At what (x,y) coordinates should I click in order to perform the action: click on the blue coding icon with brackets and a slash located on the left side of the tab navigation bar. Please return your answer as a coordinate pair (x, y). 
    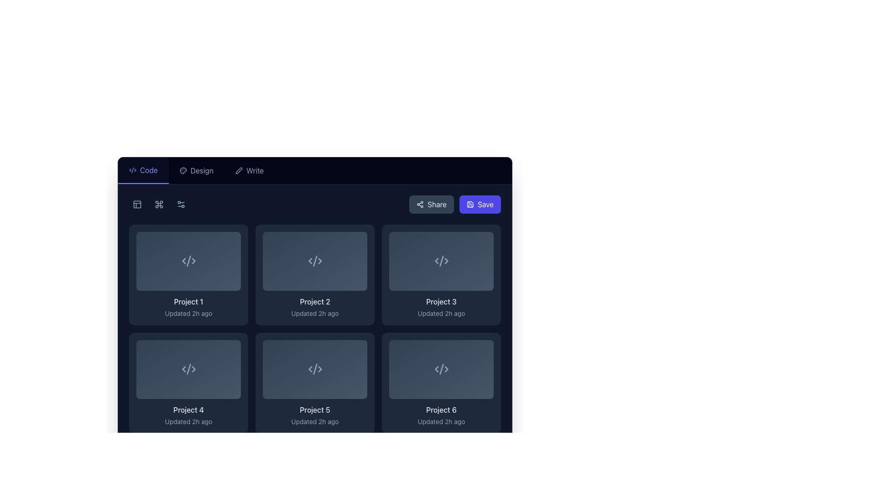
    Looking at the image, I should click on (132, 170).